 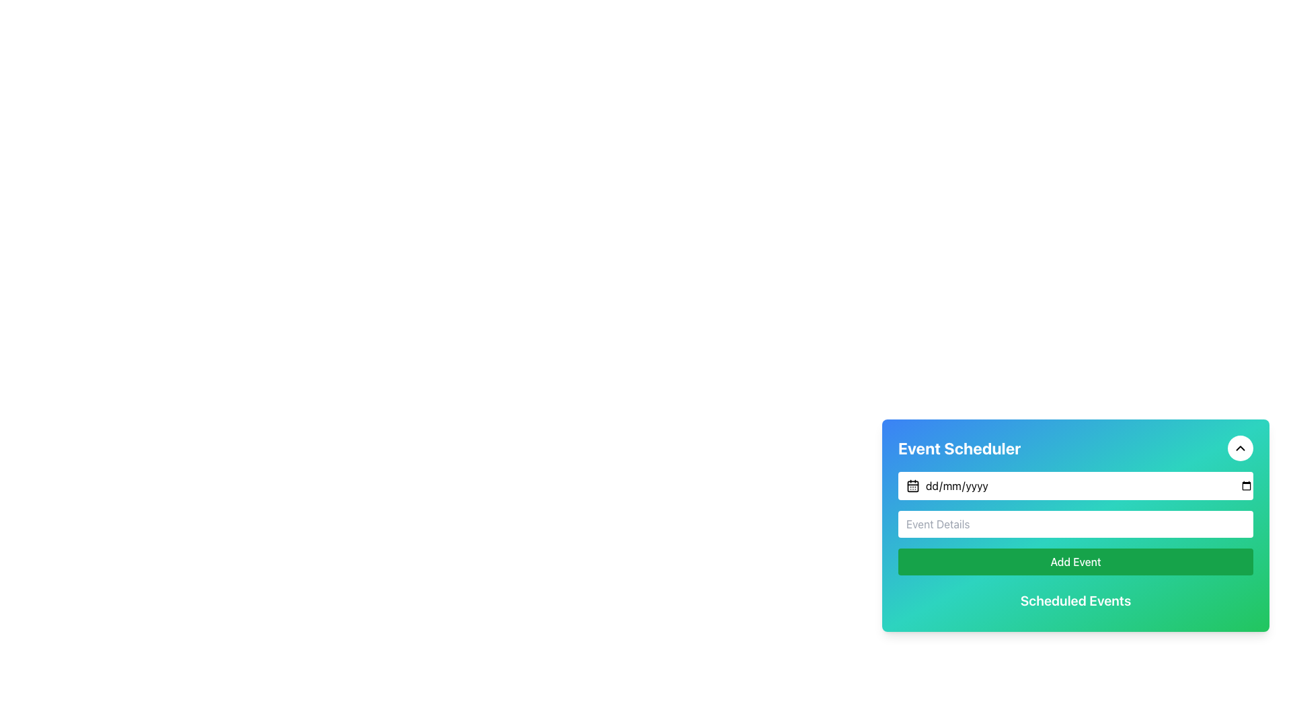 I want to click on the 'Scheduled Events' text label, which is styled in bold white on a gradient background, located at the bottom of the 'Event Scheduler' card, so click(x=1074, y=600).